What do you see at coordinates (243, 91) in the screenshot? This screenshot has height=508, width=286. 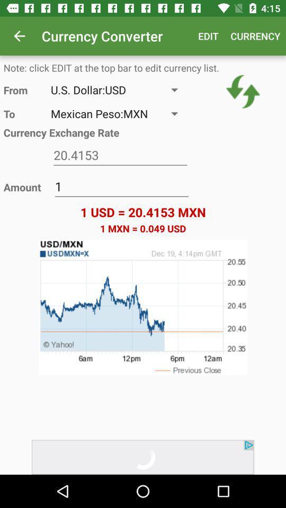 I see `icon to the right of note click edit icon` at bounding box center [243, 91].